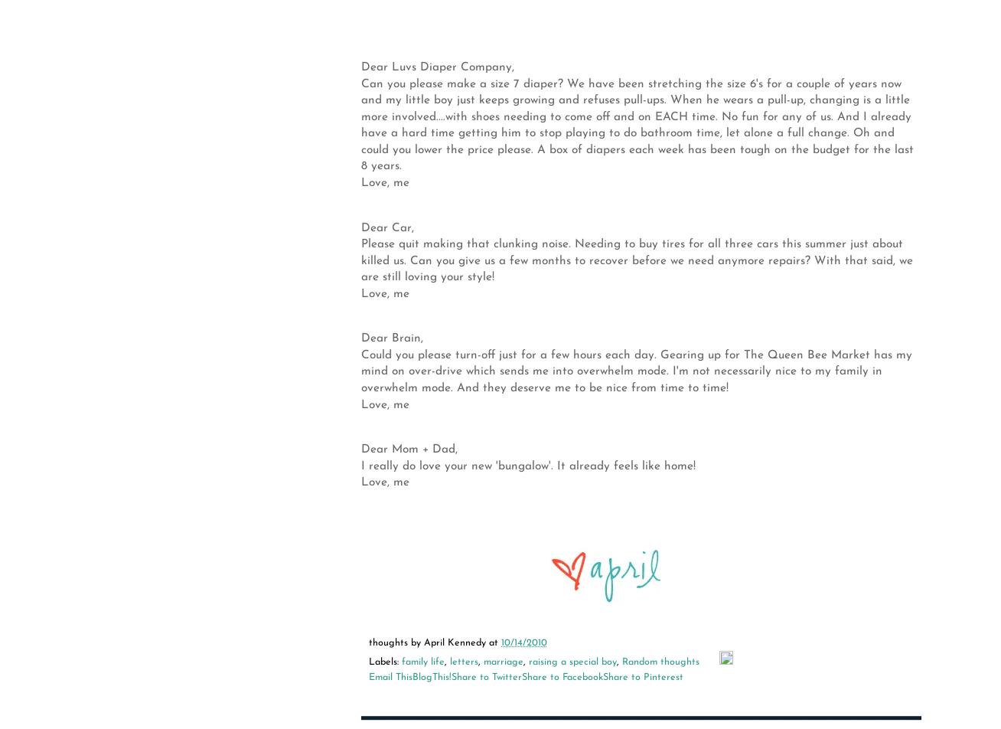 This screenshot has height=729, width=1001. I want to click on 'I really do love your new 'bungalow'. It already feels like home!', so click(528, 466).